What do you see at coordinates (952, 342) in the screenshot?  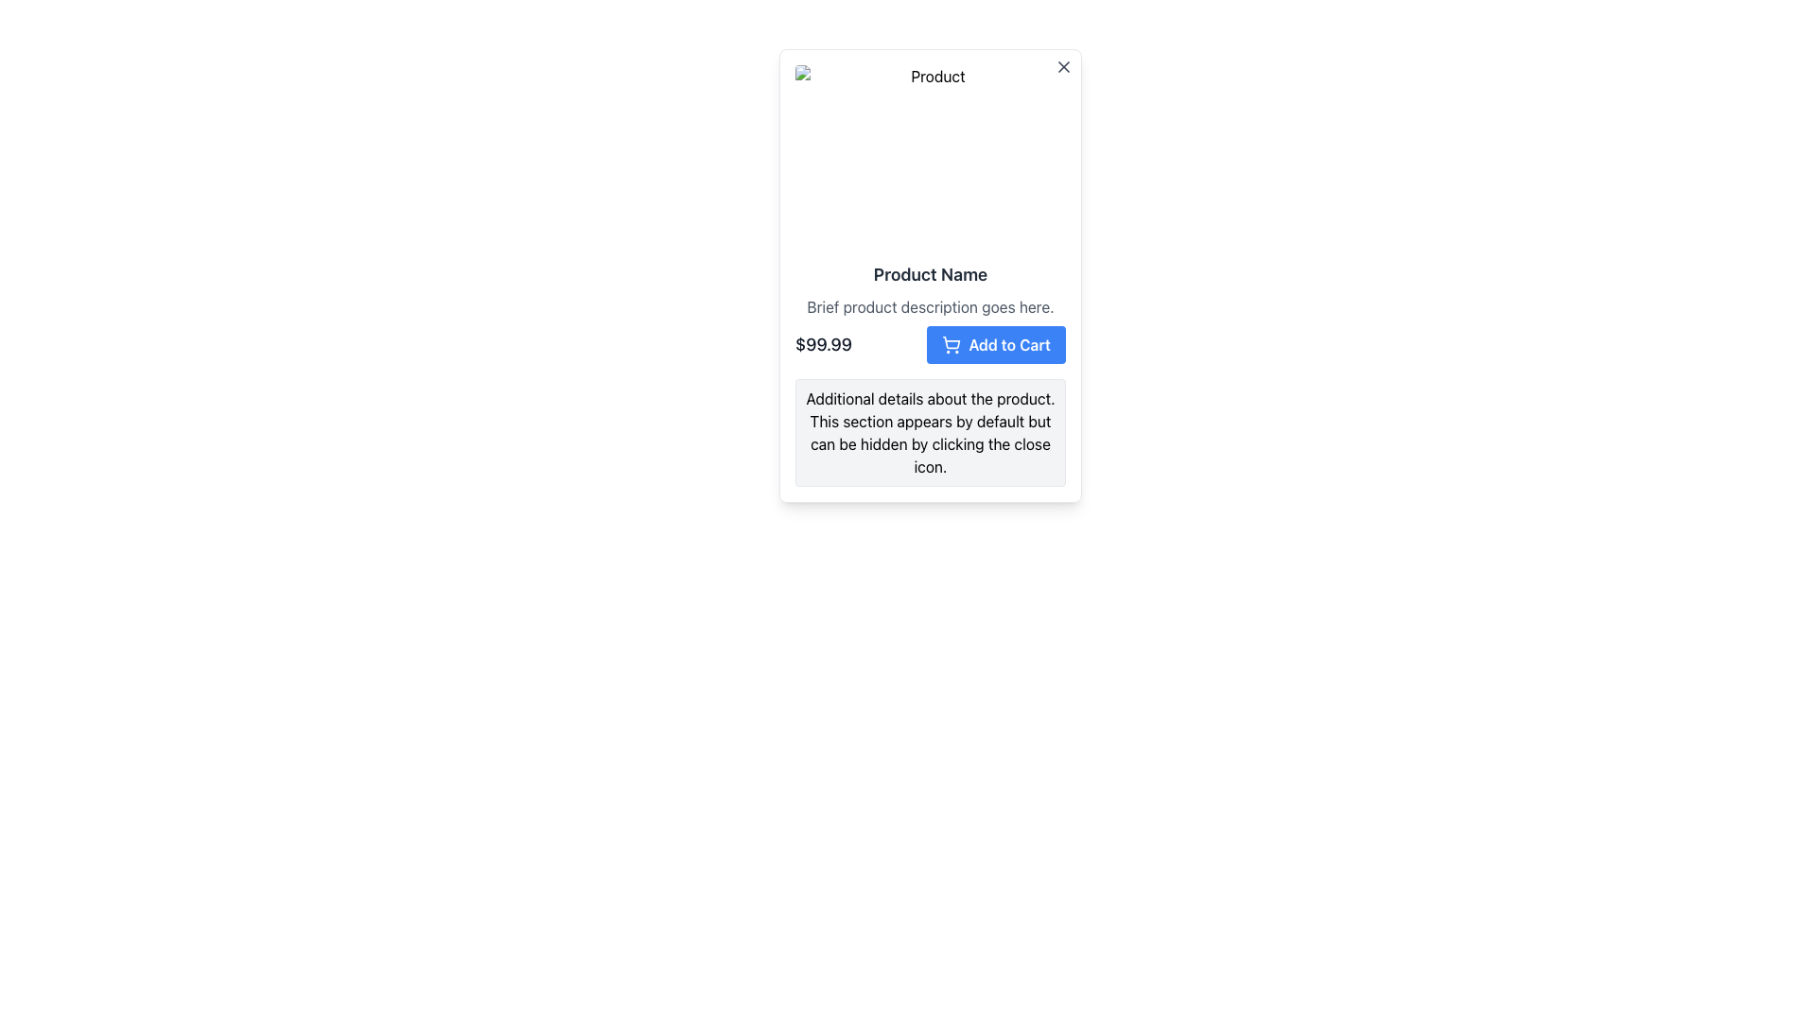 I see `the cart icon located on the left side of the 'Add to Cart' button to initiate adding a product to the shopping basket` at bounding box center [952, 342].